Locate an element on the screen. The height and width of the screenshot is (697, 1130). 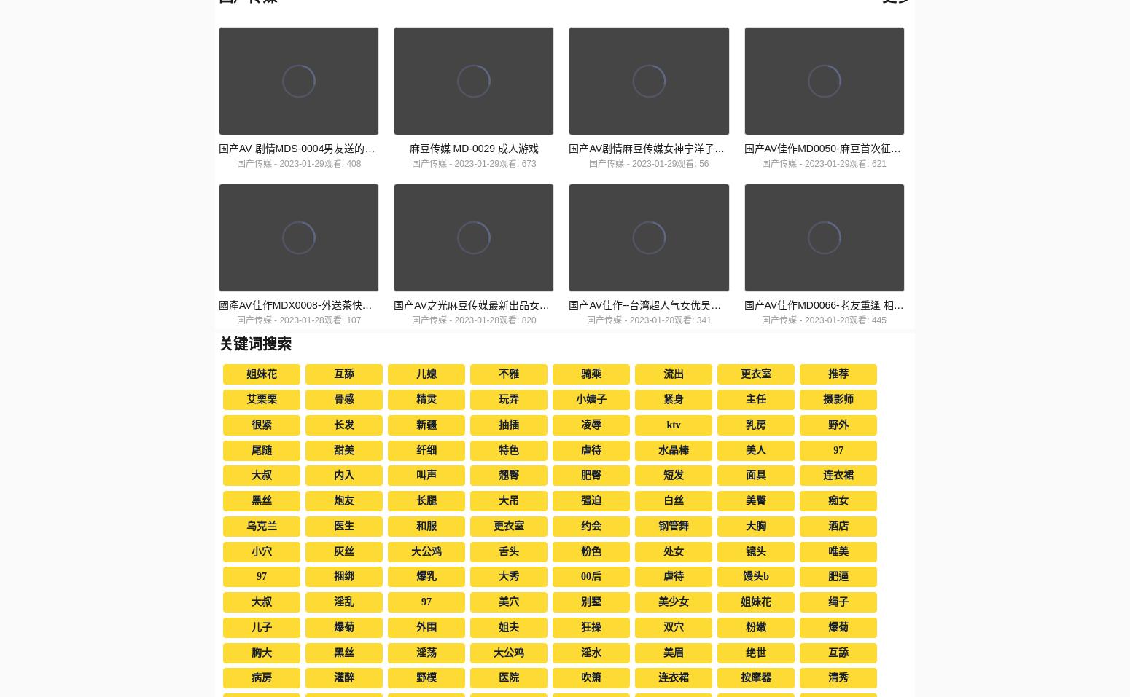
'00后' is located at coordinates (590, 575).